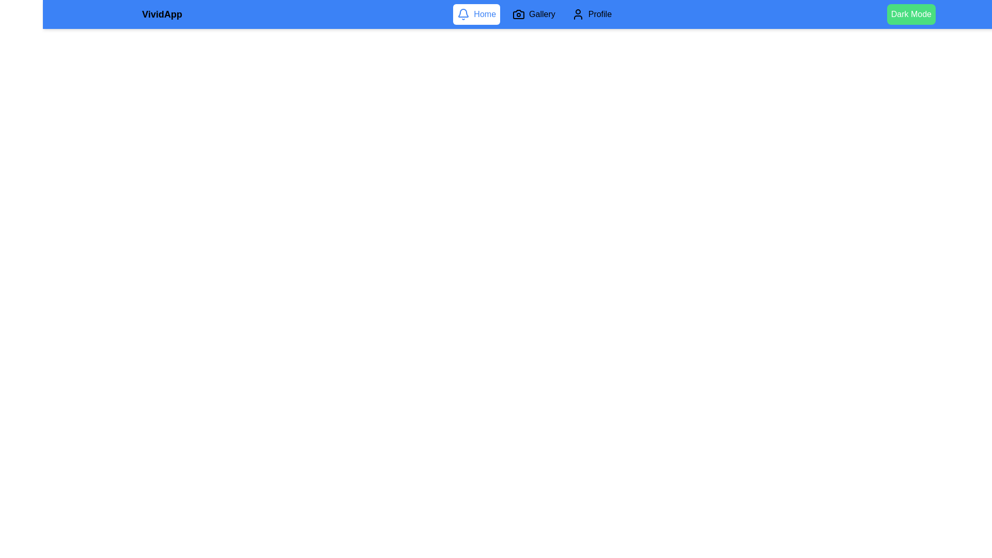 This screenshot has height=558, width=992. What do you see at coordinates (592, 14) in the screenshot?
I see `the Profile tab to navigate` at bounding box center [592, 14].